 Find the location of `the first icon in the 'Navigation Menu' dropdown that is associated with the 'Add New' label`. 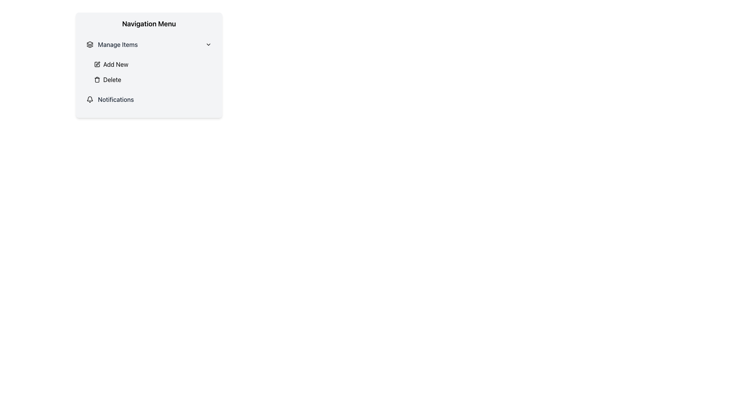

the first icon in the 'Navigation Menu' dropdown that is associated with the 'Add New' label is located at coordinates (96, 64).